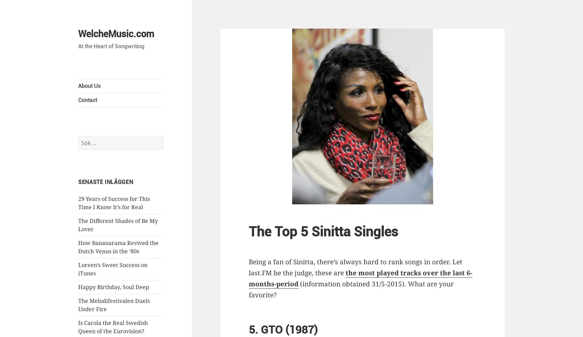 The image size is (583, 337). I want to click on 'Is Carola the Real Swedish Queen of the Eurovision?', so click(113, 326).